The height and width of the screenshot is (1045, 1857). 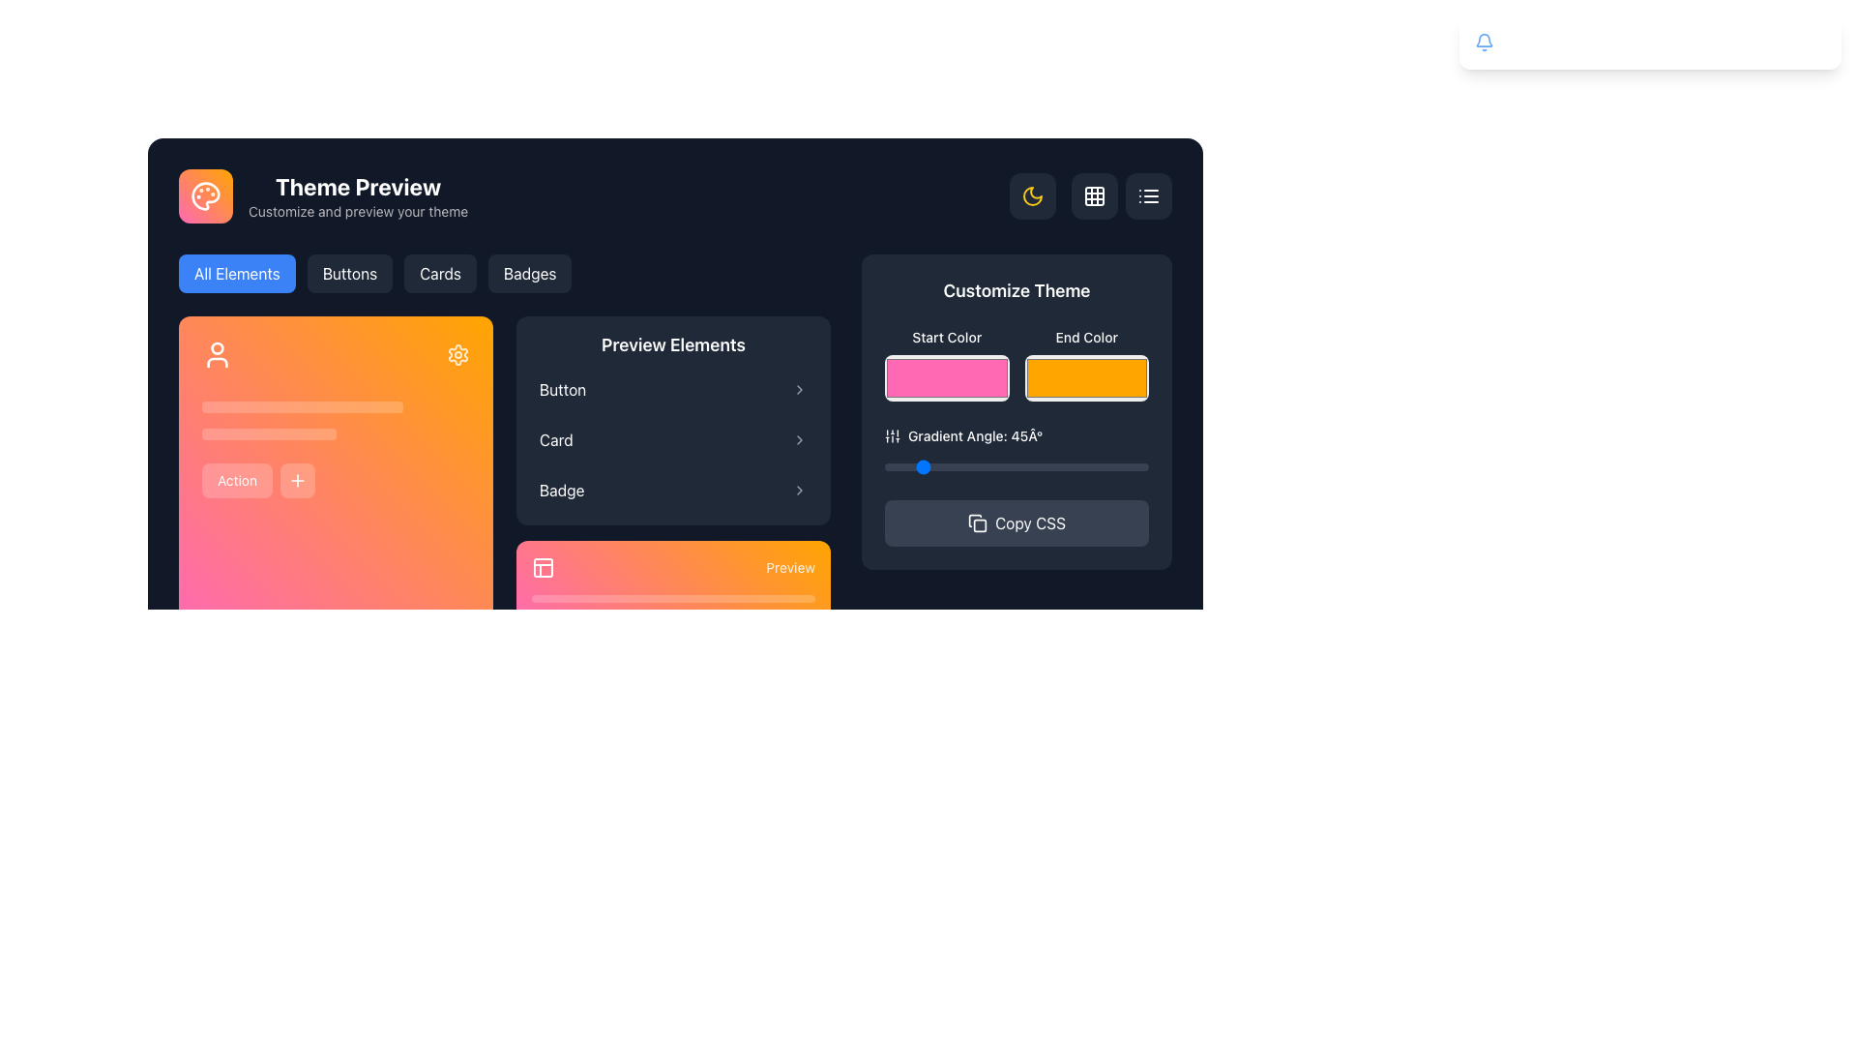 I want to click on the appearance of the small square with rounded corners located within the 'Copy CSS' button area under the 'Customize Theme' section, so click(x=980, y=525).